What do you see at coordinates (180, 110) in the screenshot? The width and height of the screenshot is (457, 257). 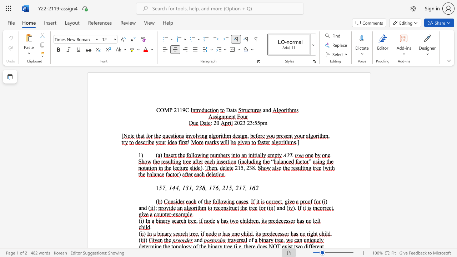 I see `the subset text "19C" within the text "COMP 2119C"` at bounding box center [180, 110].